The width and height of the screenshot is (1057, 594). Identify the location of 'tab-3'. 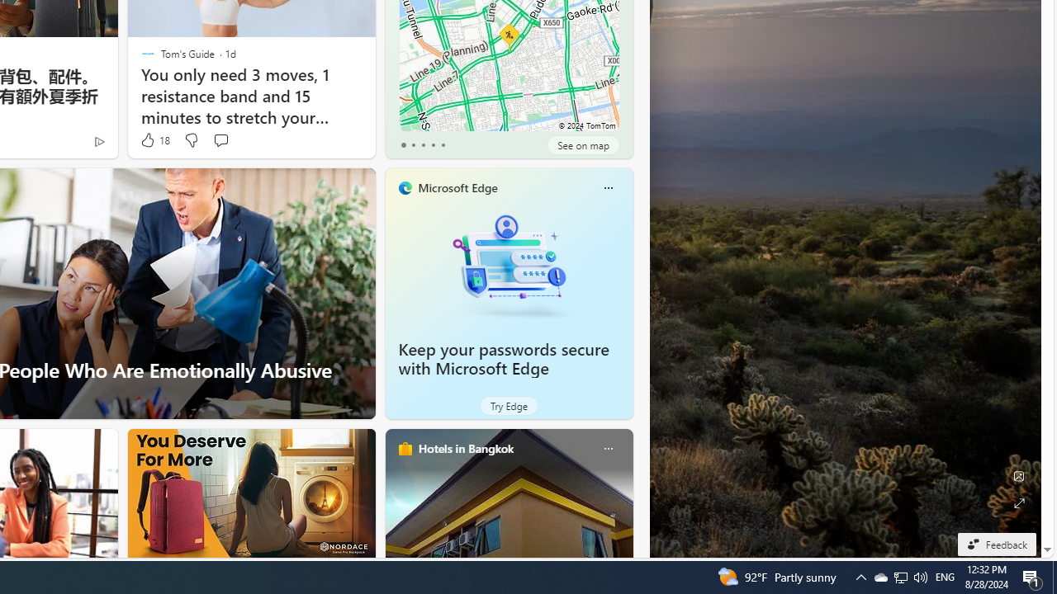
(433, 144).